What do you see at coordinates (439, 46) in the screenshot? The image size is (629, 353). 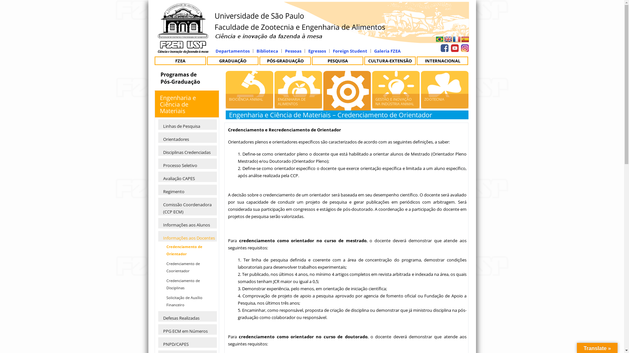 I see `' '` at bounding box center [439, 46].